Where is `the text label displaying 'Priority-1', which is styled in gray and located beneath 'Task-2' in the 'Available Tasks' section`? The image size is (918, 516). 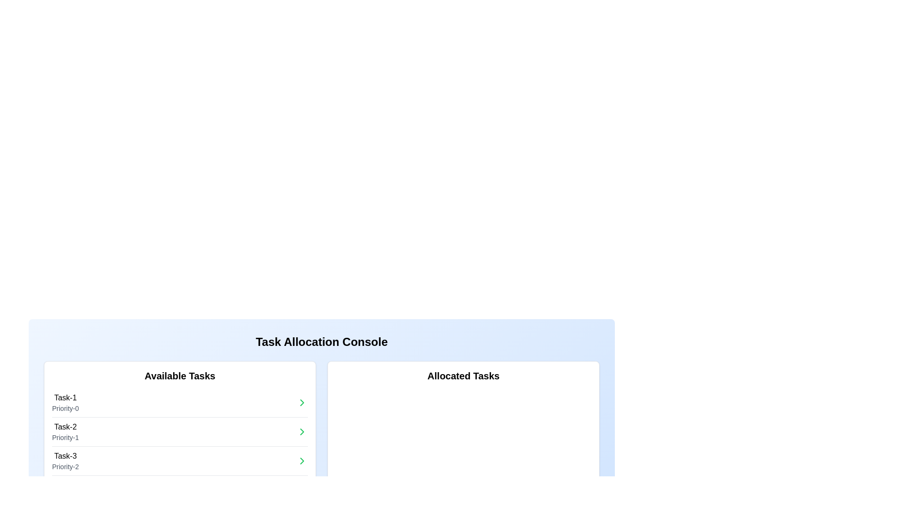
the text label displaying 'Priority-1', which is styled in gray and located beneath 'Task-2' in the 'Available Tasks' section is located at coordinates (65, 437).